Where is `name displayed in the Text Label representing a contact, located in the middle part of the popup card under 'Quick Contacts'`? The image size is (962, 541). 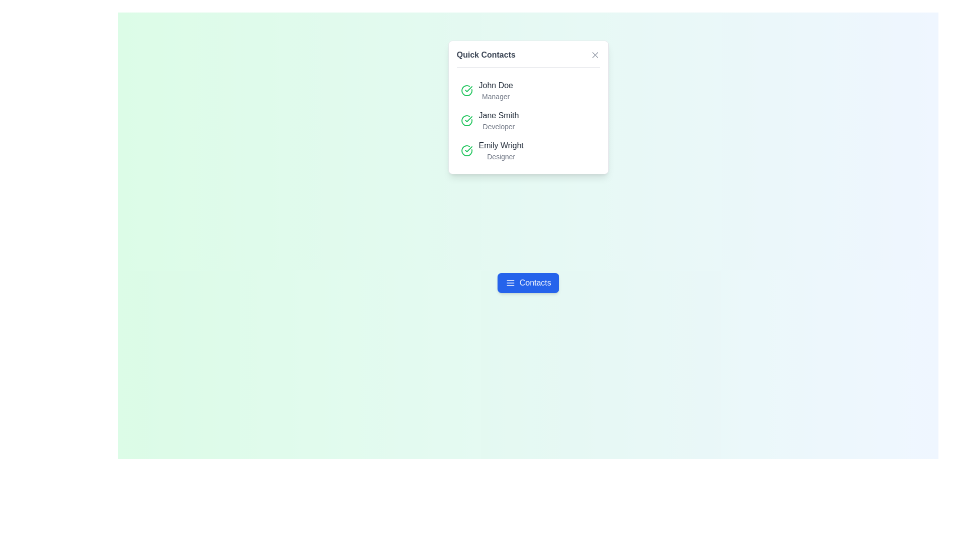
name displayed in the Text Label representing a contact, located in the middle part of the popup card under 'Quick Contacts' is located at coordinates (499, 115).